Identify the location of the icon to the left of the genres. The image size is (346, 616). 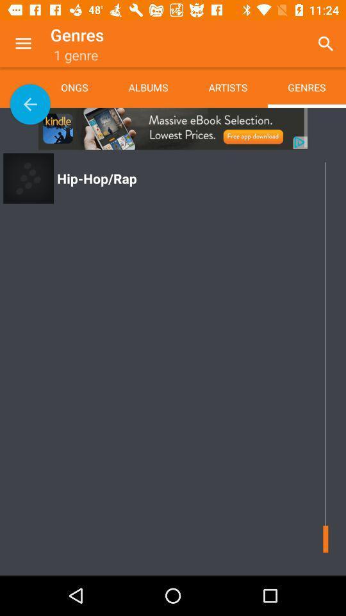
(227, 87).